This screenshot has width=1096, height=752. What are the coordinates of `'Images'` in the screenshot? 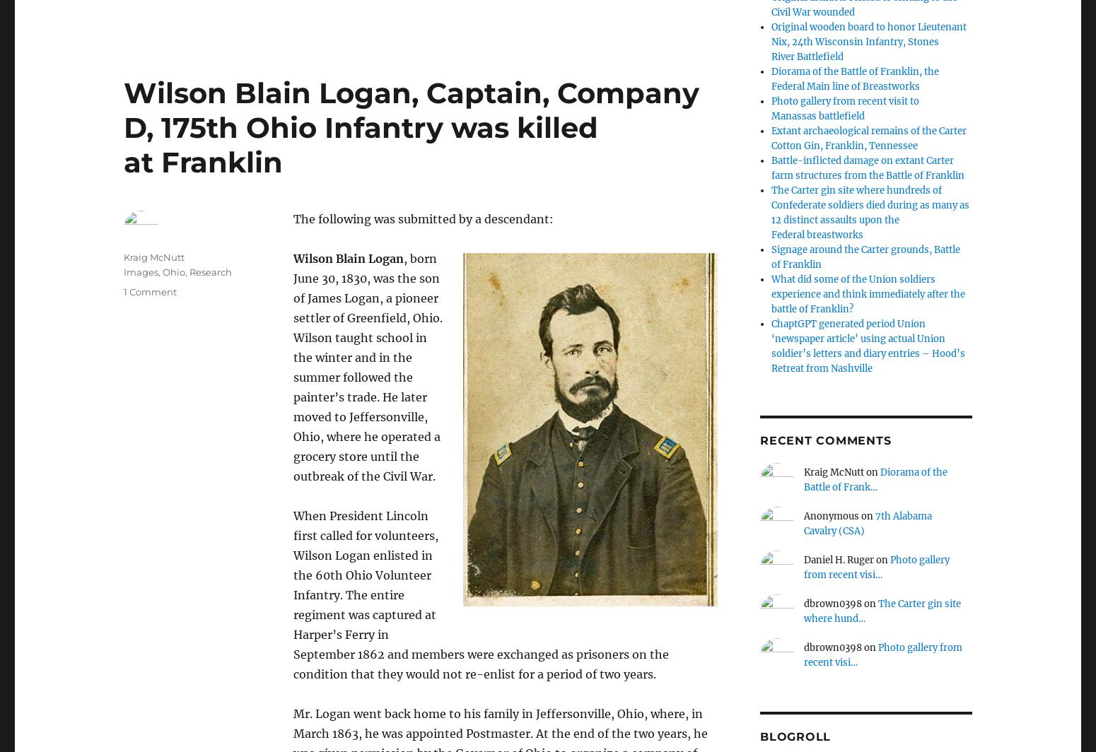 It's located at (140, 271).